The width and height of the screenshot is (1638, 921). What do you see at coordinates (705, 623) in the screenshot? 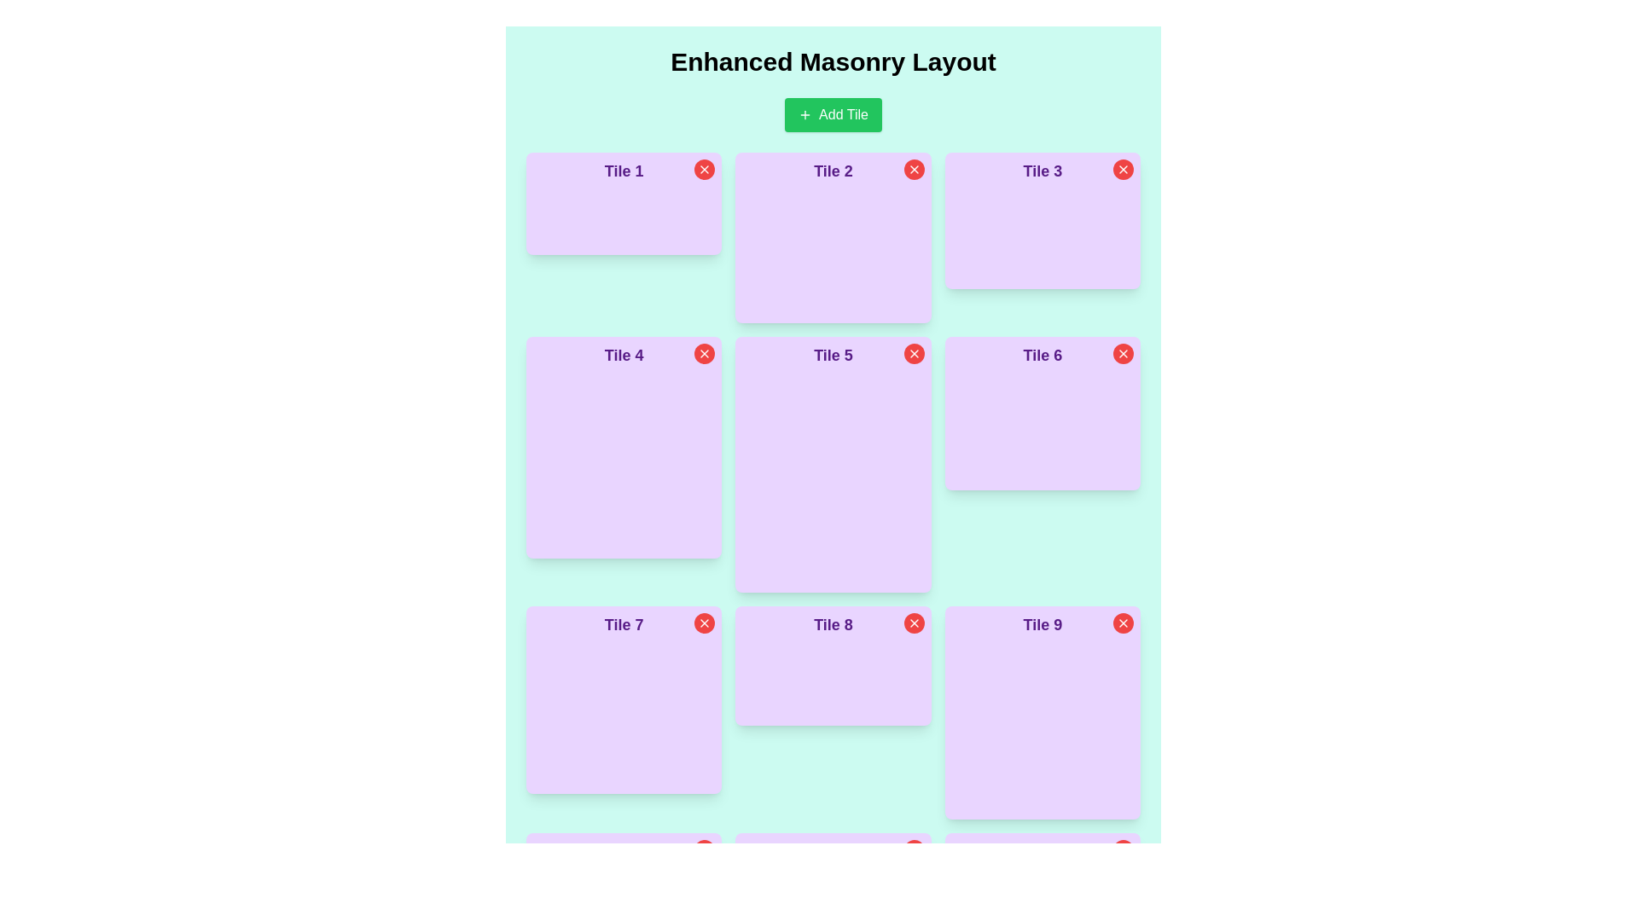
I see `the circular red button with a white 'x' icon located in the top-right corner of 'Tile 7'` at bounding box center [705, 623].